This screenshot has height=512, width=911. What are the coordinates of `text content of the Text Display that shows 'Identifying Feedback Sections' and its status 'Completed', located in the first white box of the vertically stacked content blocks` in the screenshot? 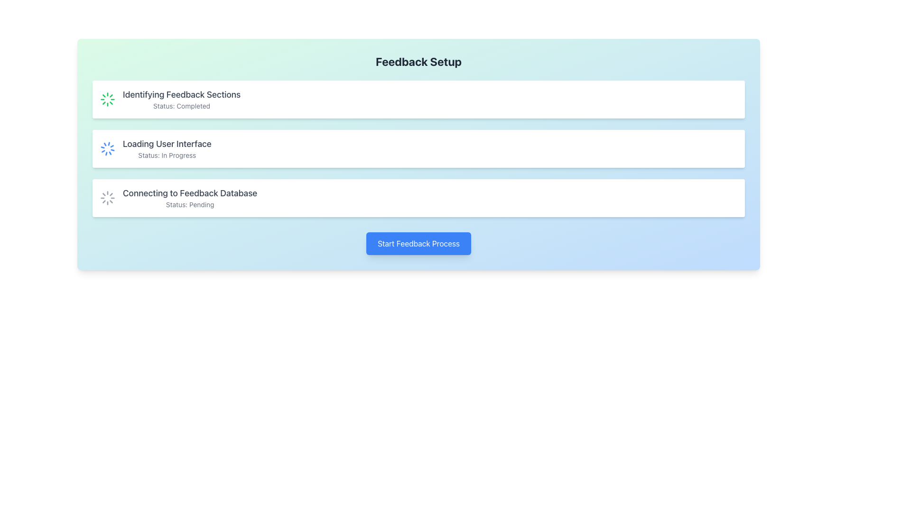 It's located at (182, 99).